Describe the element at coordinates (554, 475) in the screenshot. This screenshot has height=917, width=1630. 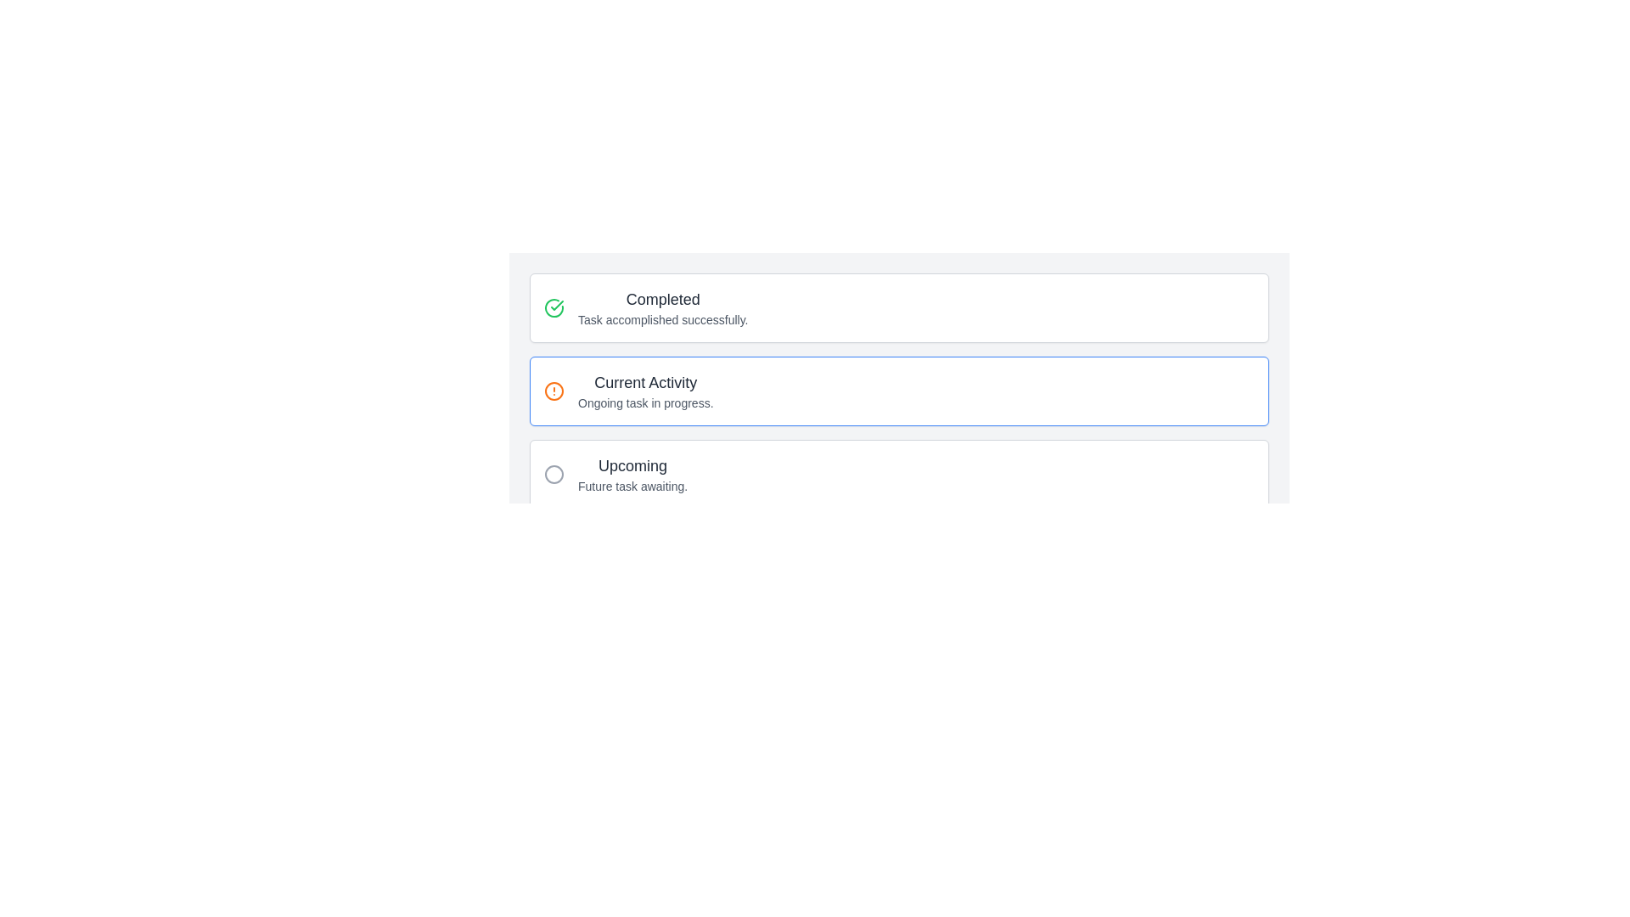
I see `the circular grayish outlined icon located to the left of the 'Upcoming' label` at that location.